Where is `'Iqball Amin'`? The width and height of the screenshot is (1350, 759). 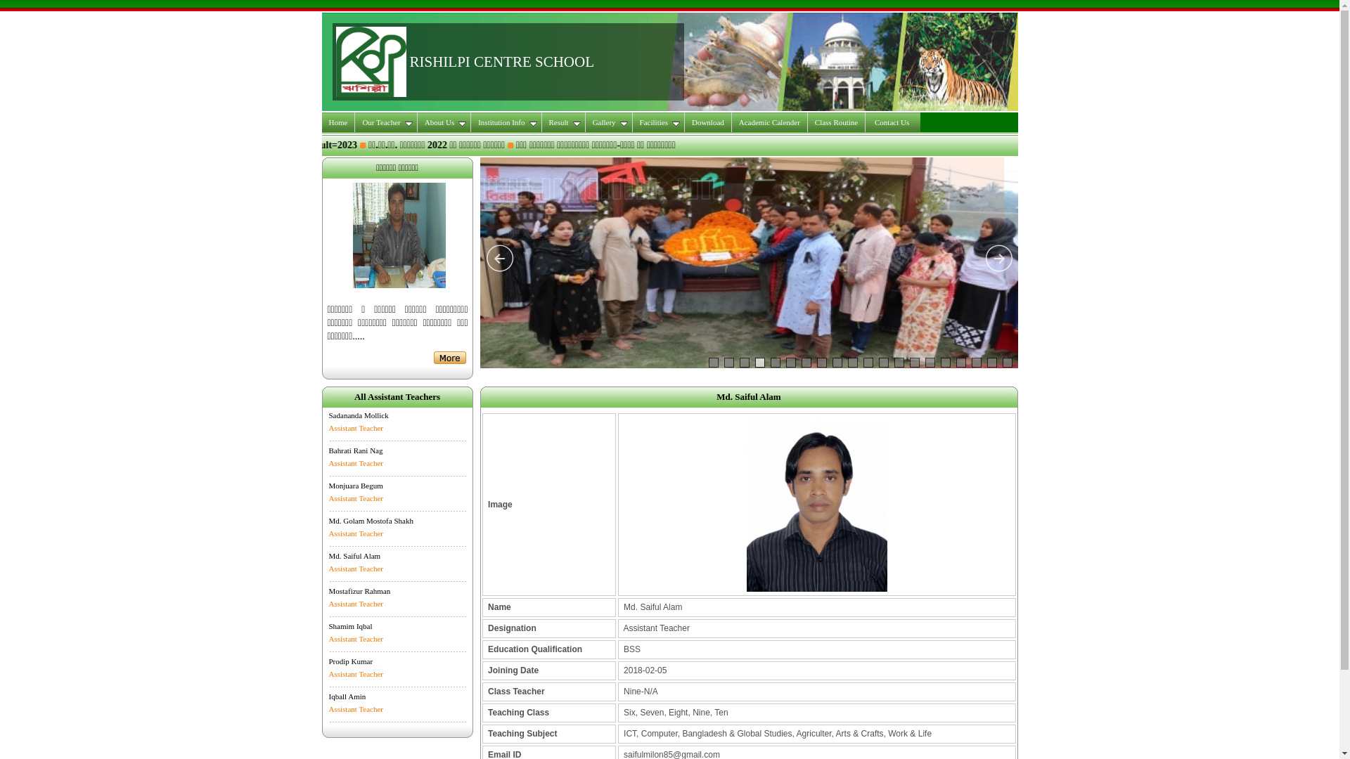 'Iqball Amin' is located at coordinates (347, 696).